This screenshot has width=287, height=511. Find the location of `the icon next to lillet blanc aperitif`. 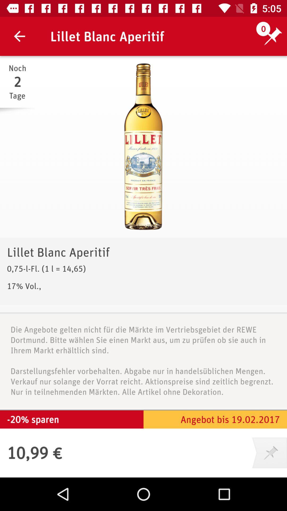

the icon next to lillet blanc aperitif is located at coordinates (19, 36).